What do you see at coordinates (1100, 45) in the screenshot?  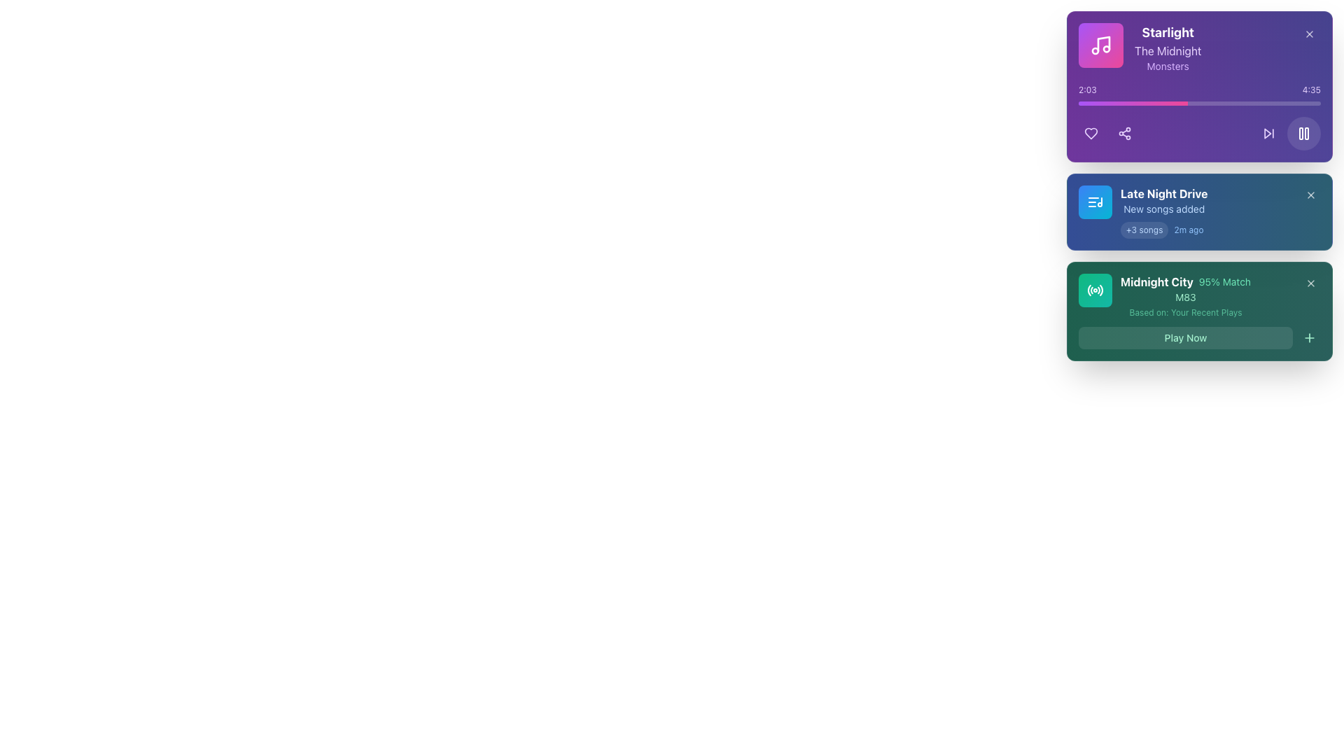 I see `the interactive icon associated with the 'Starlight' card, located in the top-left corner next to the title 'Starlight'` at bounding box center [1100, 45].